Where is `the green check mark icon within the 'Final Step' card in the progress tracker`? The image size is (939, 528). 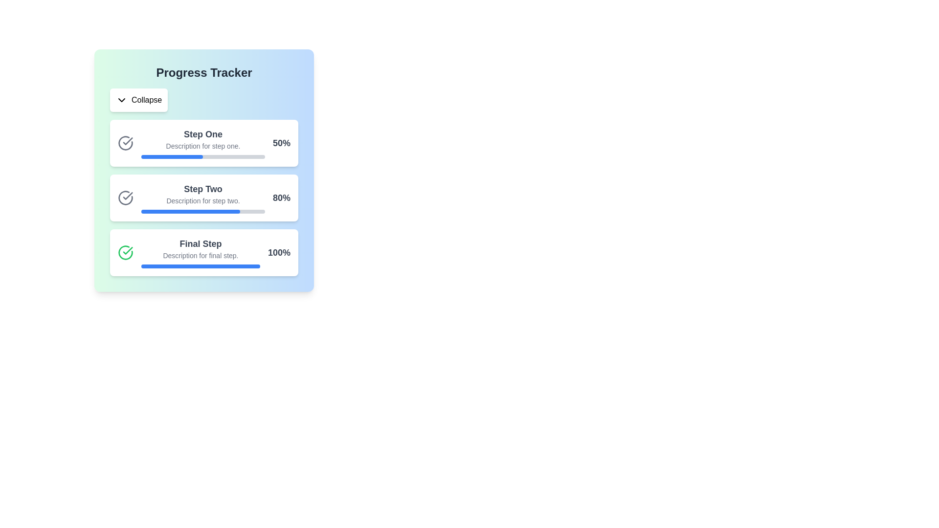
the green check mark icon within the 'Final Step' card in the progress tracker is located at coordinates (127, 250).